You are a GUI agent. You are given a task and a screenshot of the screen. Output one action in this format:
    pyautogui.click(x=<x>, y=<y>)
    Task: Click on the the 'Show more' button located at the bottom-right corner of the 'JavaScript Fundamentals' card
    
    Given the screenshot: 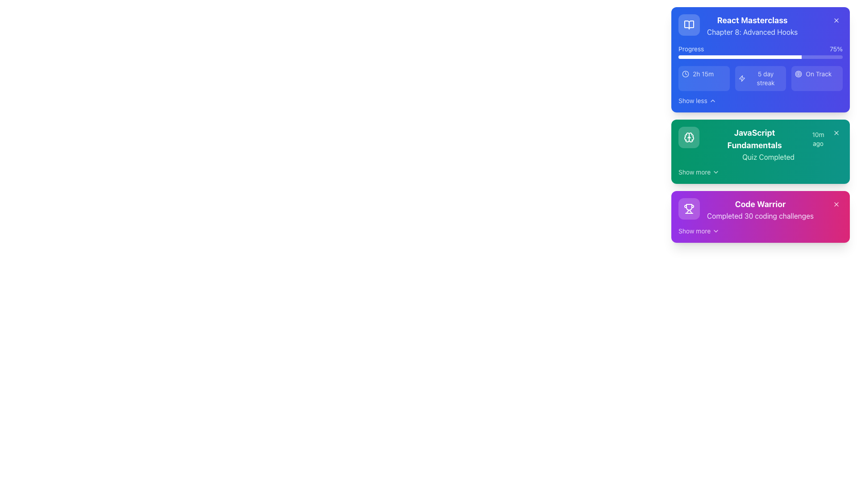 What is the action you would take?
    pyautogui.click(x=699, y=172)
    